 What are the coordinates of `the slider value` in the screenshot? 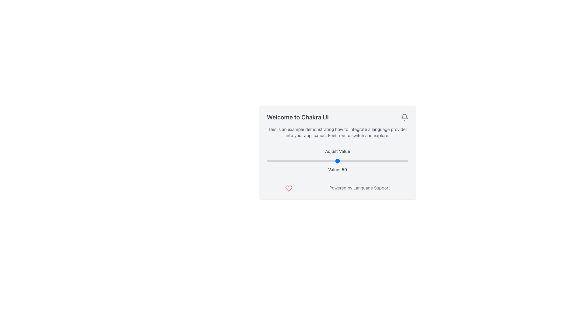 It's located at (378, 161).